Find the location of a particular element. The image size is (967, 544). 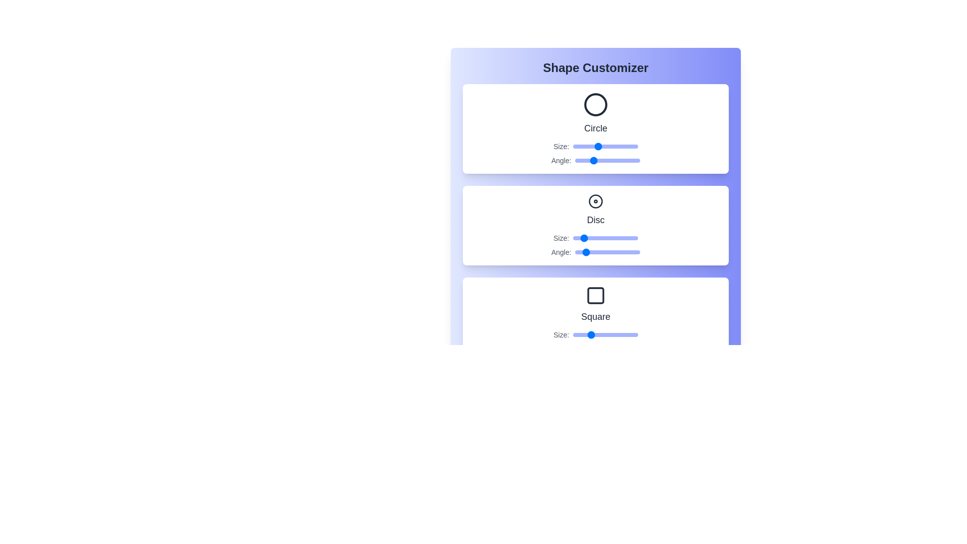

the name of the shape Square is located at coordinates (595, 316).